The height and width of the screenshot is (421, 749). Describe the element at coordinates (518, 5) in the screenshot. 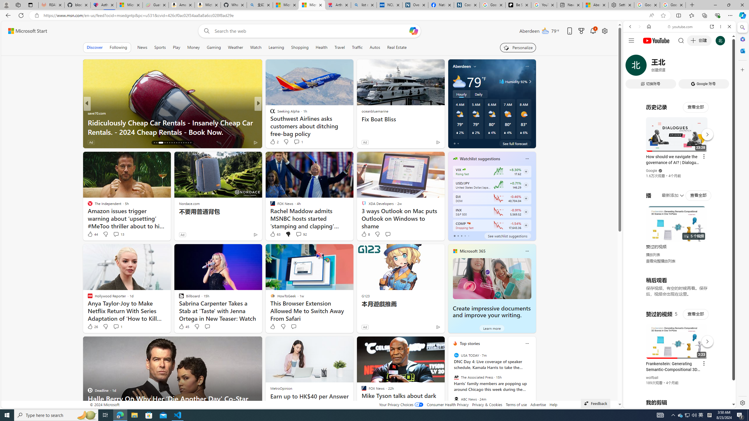

I see `'Be Smart | creating Science videos | Patreon'` at that location.